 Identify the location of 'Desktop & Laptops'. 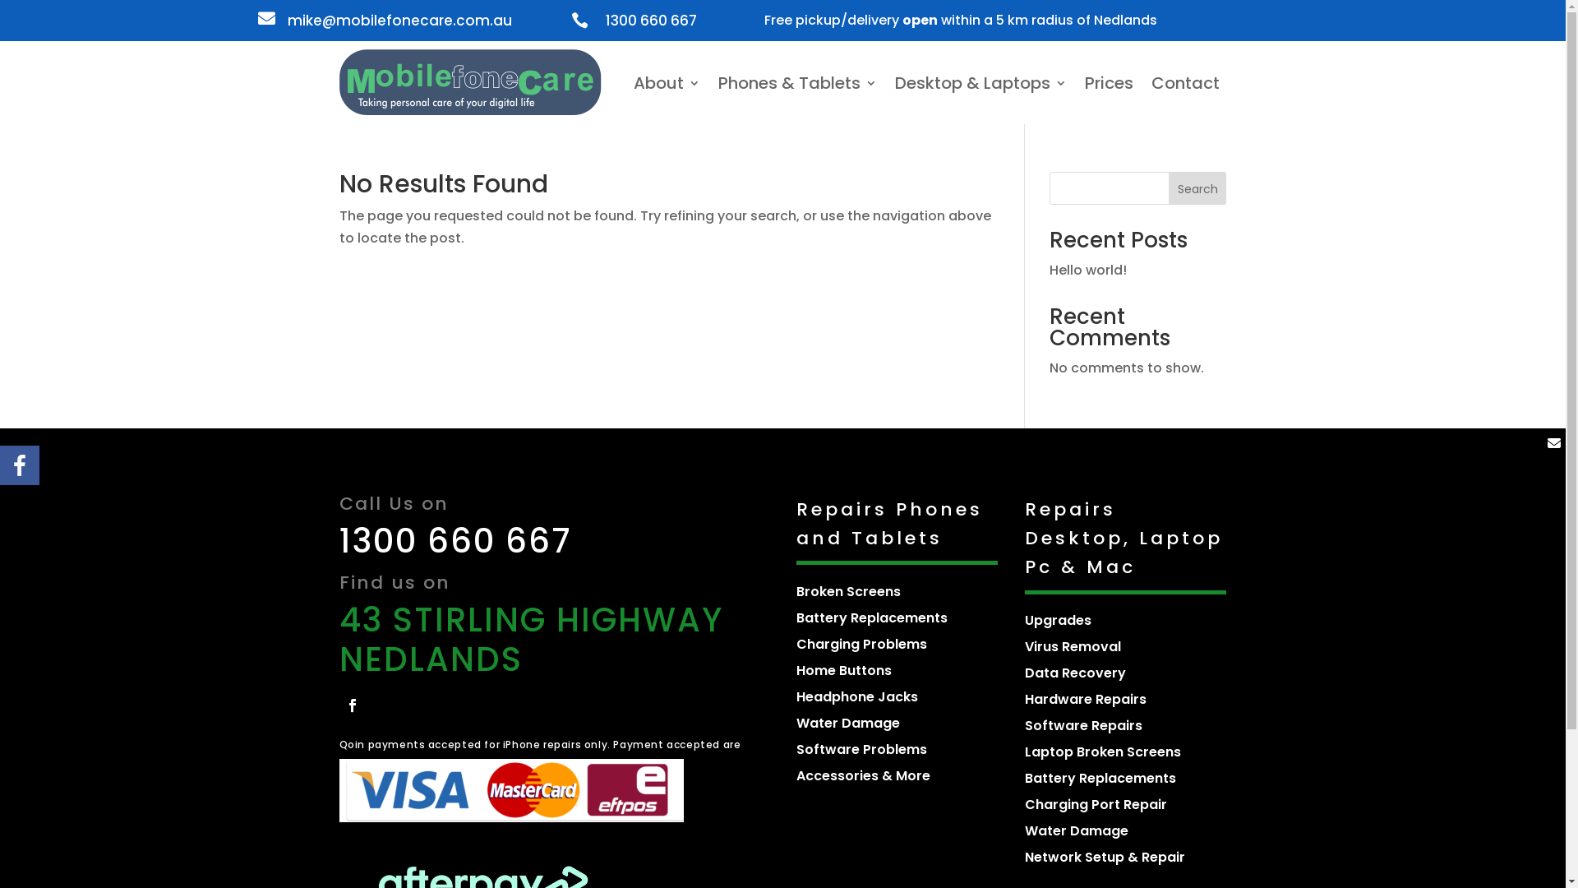
(980, 82).